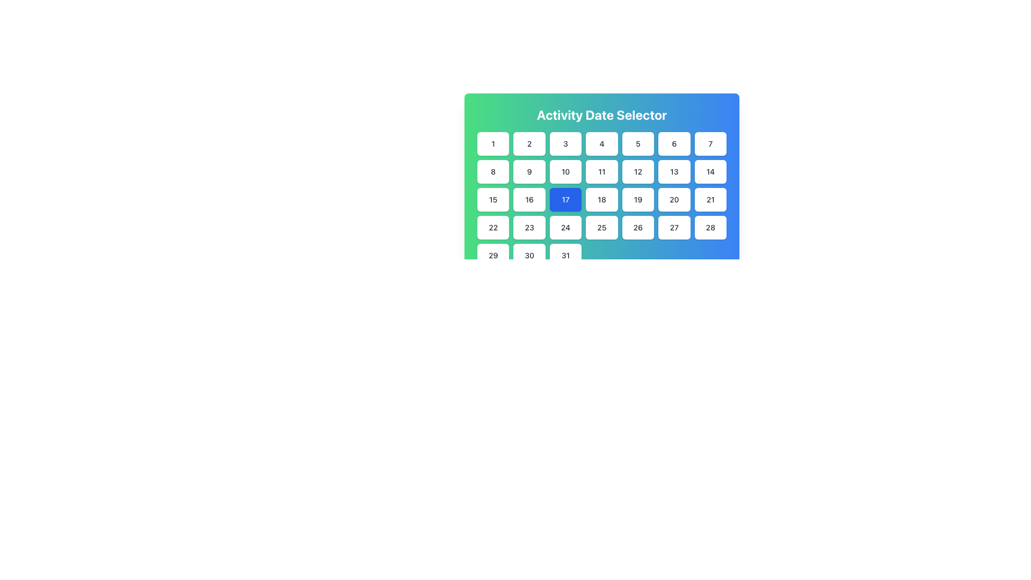 The height and width of the screenshot is (580, 1031). Describe the element at coordinates (565, 255) in the screenshot. I see `the button displaying the date '31', which is a rounded rectangle with a white background, located in the last row and last column of the grid layout` at that location.